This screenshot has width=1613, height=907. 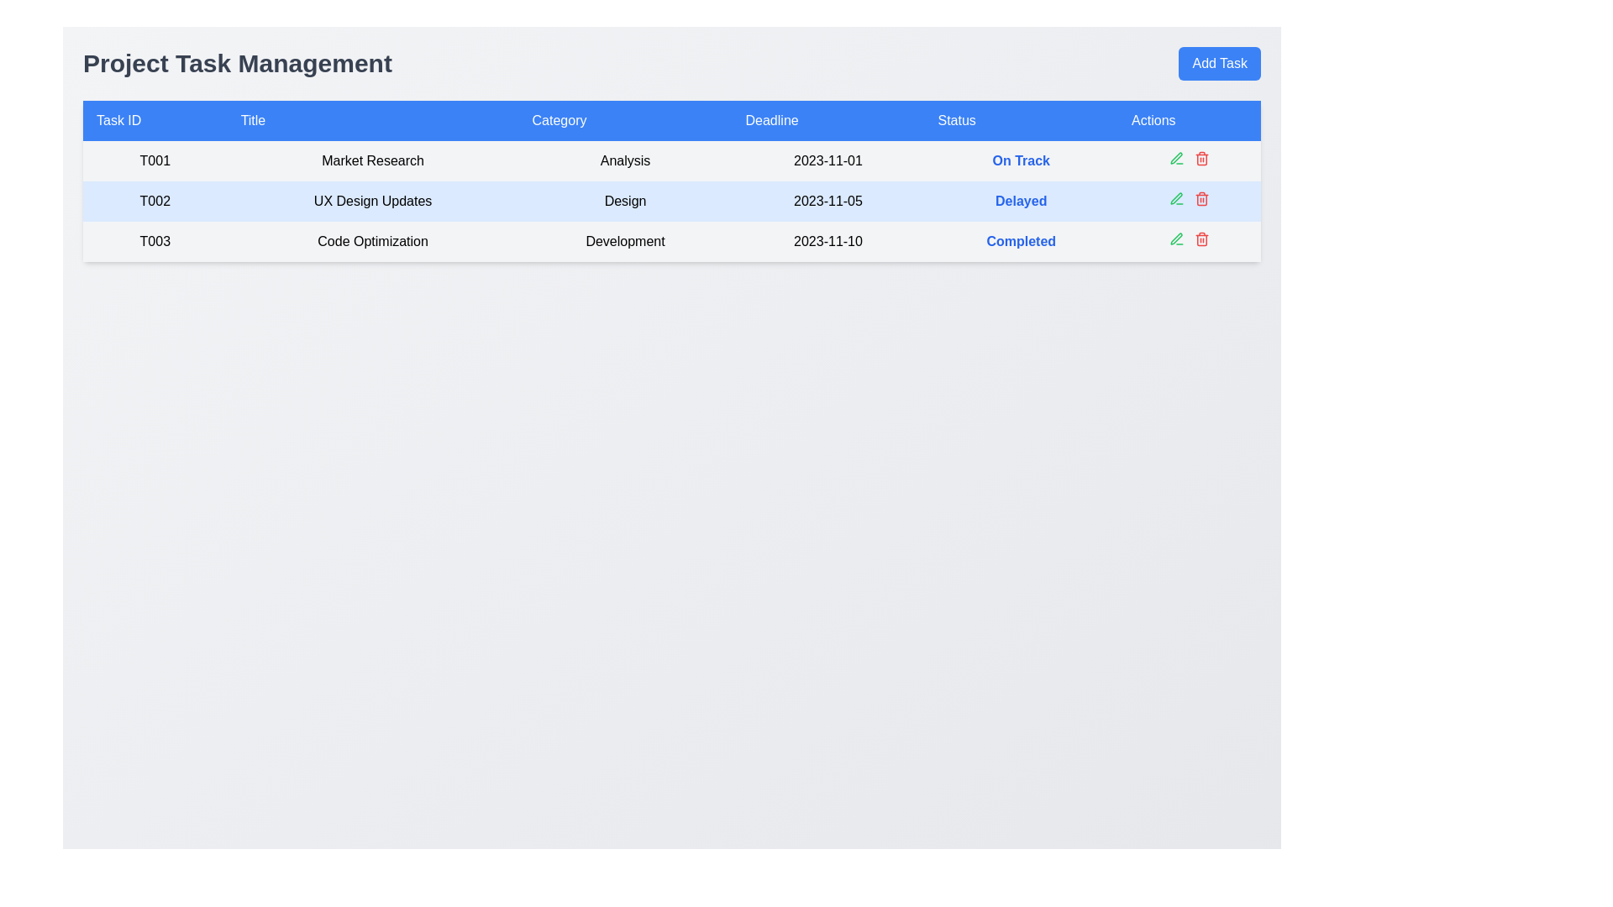 I want to click on the Text label that denotes the title of the task, associated with Task ID 'T001' in the 'Title' column of the table layout, so click(x=372, y=161).